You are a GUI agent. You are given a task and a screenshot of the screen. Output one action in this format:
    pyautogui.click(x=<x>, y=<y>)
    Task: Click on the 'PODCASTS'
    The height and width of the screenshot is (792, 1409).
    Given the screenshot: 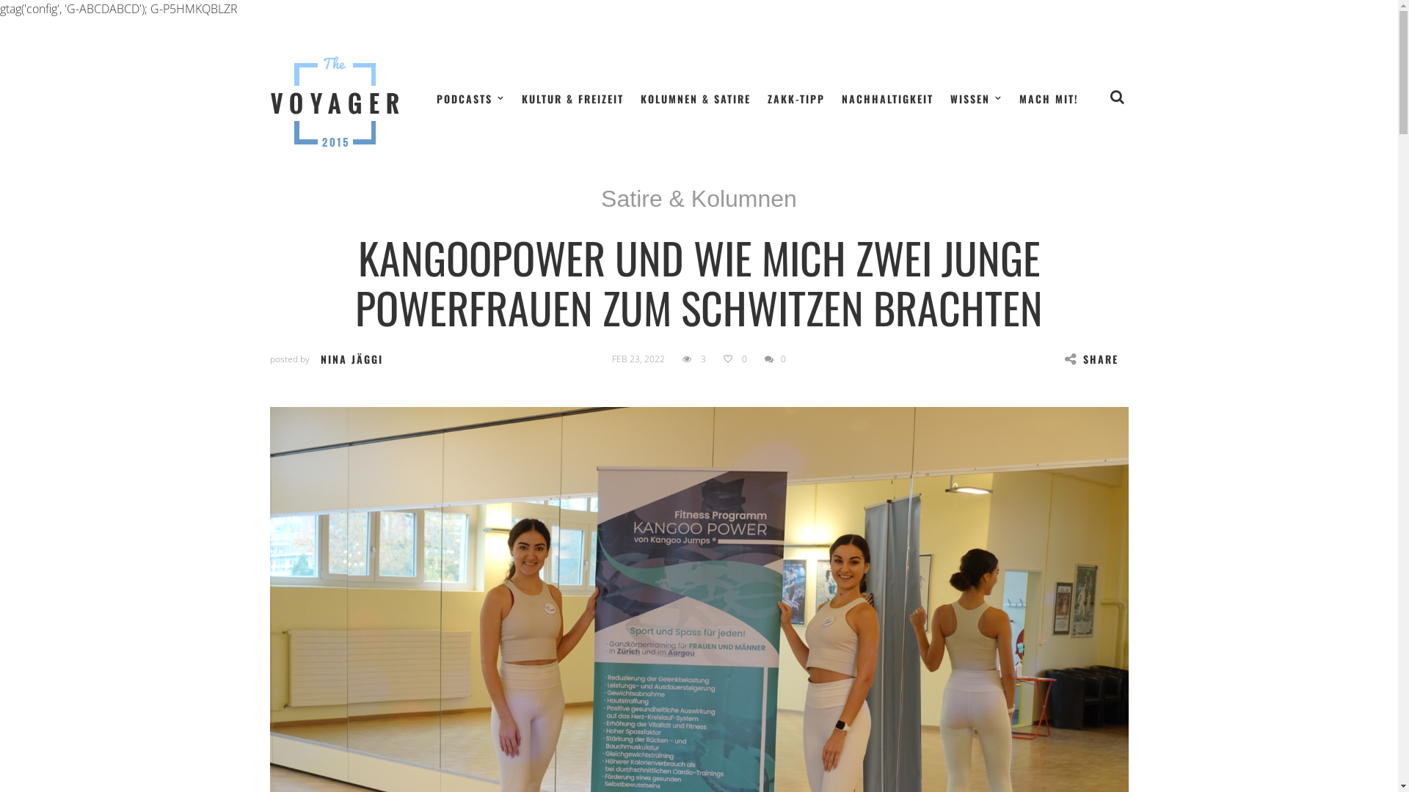 What is the action you would take?
    pyautogui.click(x=470, y=99)
    